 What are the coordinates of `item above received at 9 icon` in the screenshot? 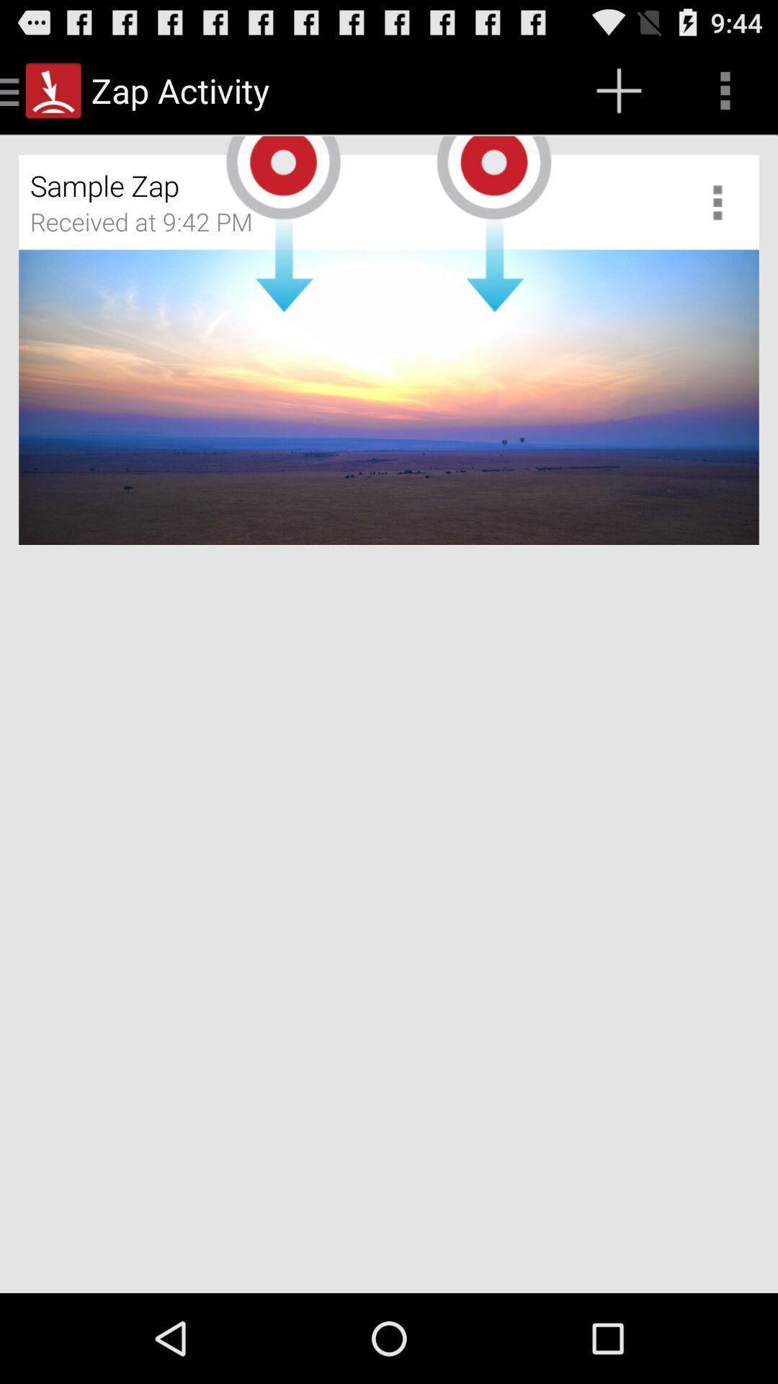 It's located at (303, 179).